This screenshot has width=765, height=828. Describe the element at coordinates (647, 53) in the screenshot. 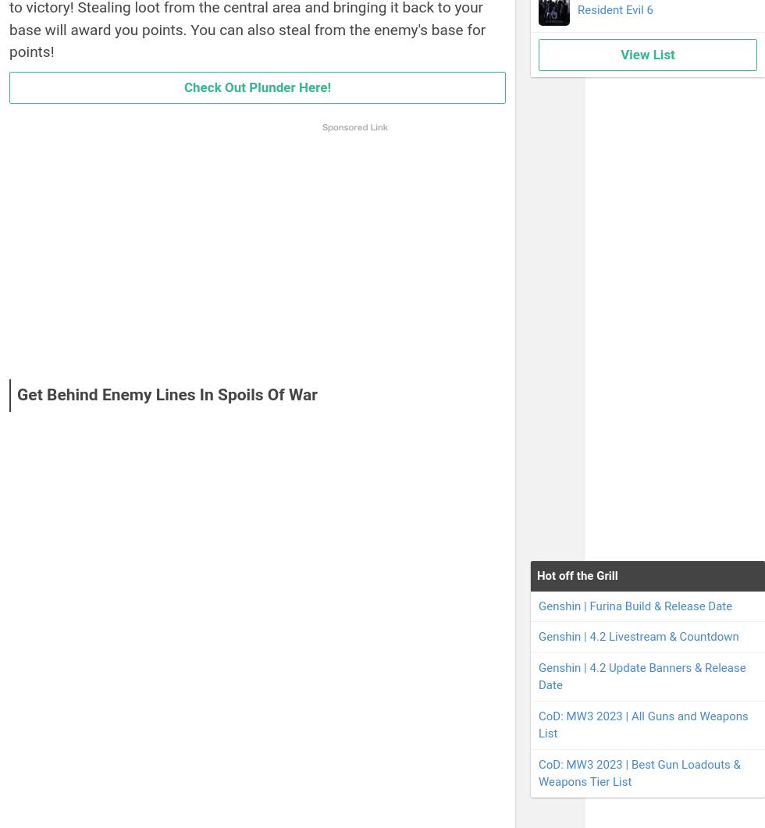

I see `'View List'` at that location.